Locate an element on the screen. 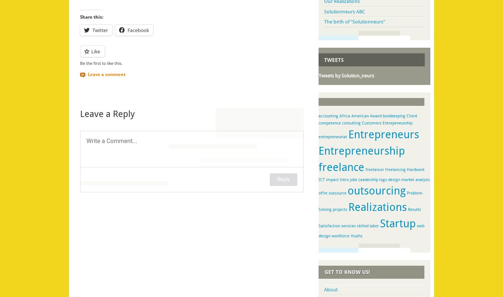 This screenshot has height=297, width=503. 'Leave a Reply' is located at coordinates (107, 114).